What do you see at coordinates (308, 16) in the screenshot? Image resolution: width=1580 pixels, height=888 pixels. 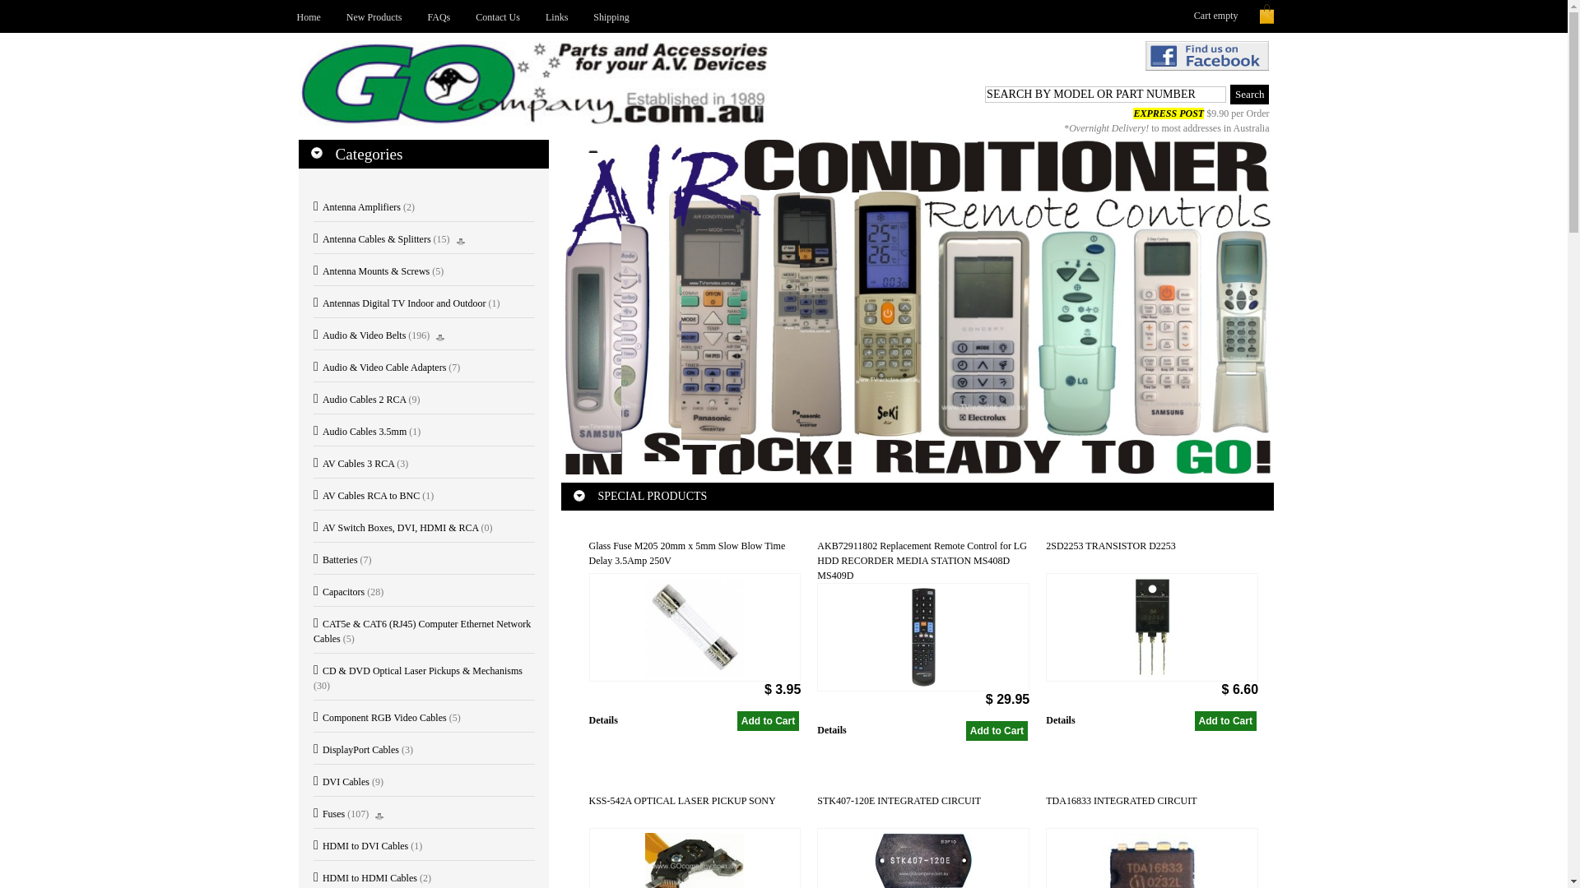 I see `'Home'` at bounding box center [308, 16].